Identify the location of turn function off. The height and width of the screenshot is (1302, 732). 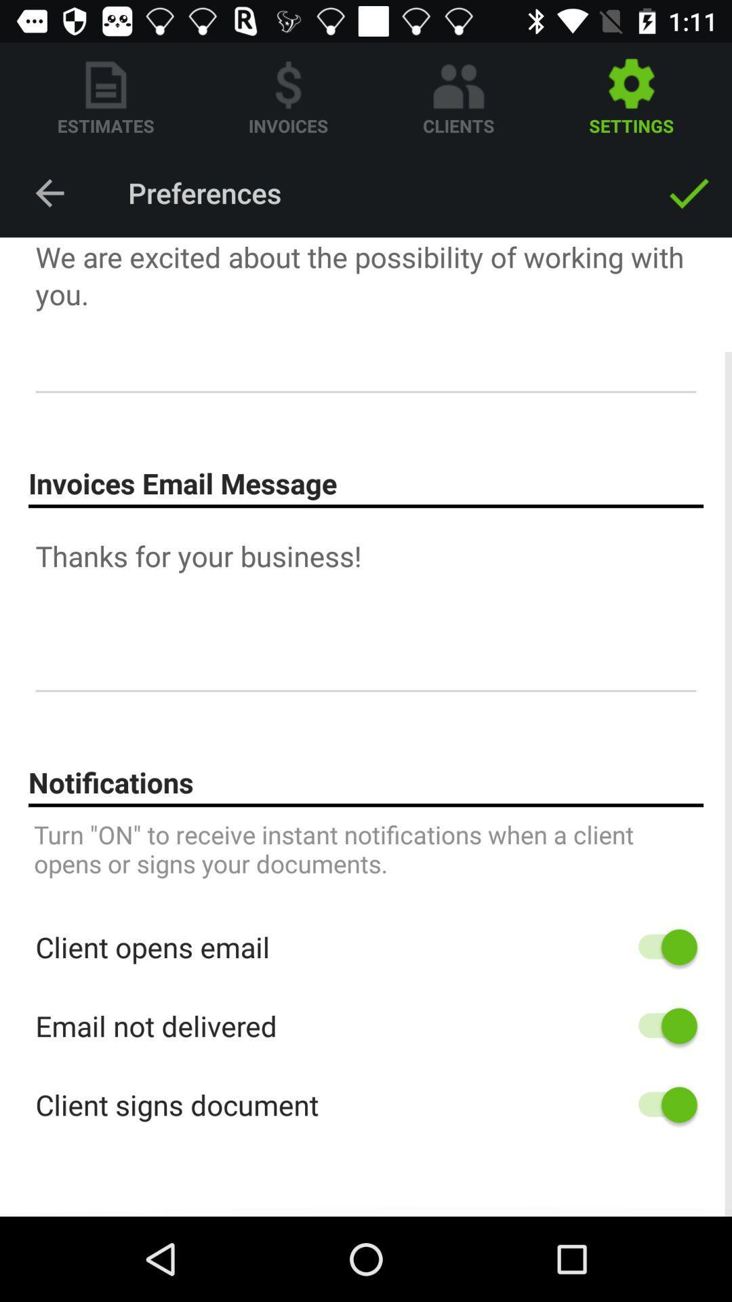
(660, 1026).